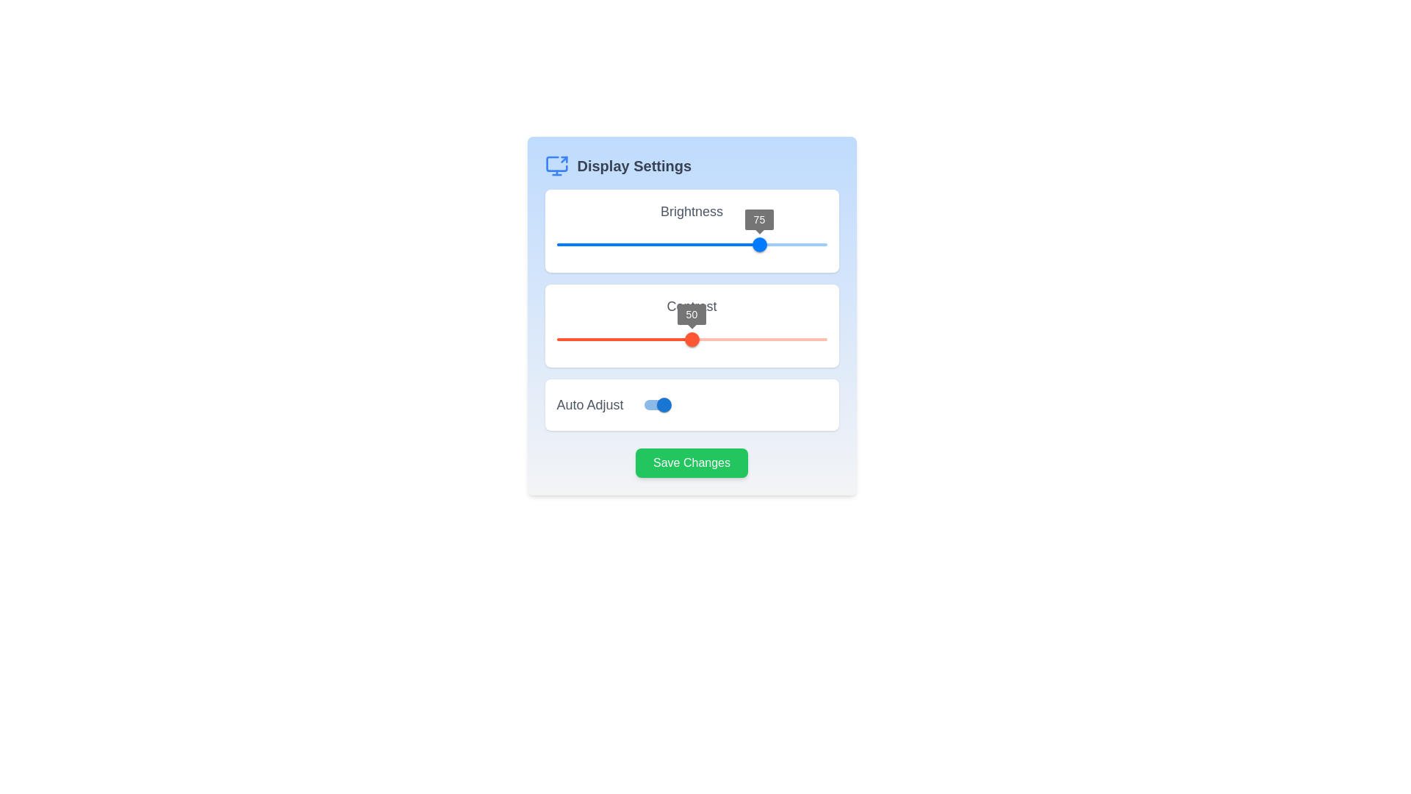 This screenshot has width=1411, height=794. I want to click on contrast, so click(643, 340).